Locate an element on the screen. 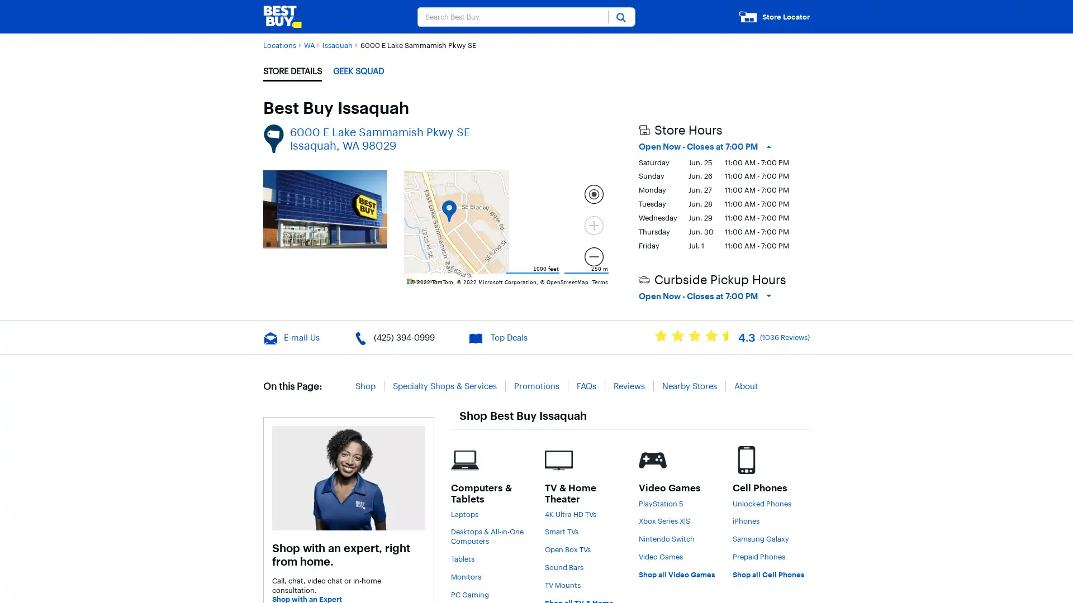 Image resolution: width=1073 pixels, height=603 pixels. Open Now - Closes at 7:00 PM is located at coordinates (704, 146).